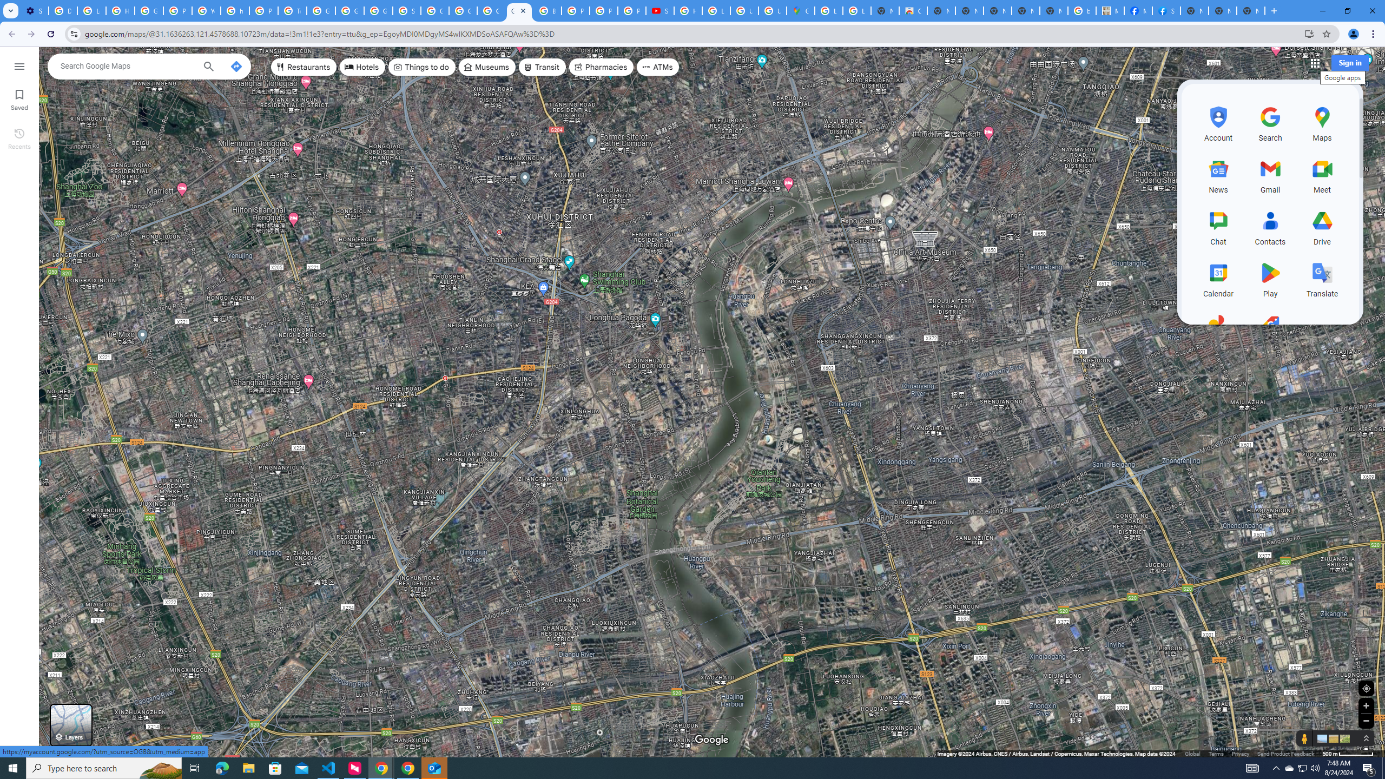  Describe the element at coordinates (913, 10) in the screenshot. I see `'Chrome Web Store'` at that location.